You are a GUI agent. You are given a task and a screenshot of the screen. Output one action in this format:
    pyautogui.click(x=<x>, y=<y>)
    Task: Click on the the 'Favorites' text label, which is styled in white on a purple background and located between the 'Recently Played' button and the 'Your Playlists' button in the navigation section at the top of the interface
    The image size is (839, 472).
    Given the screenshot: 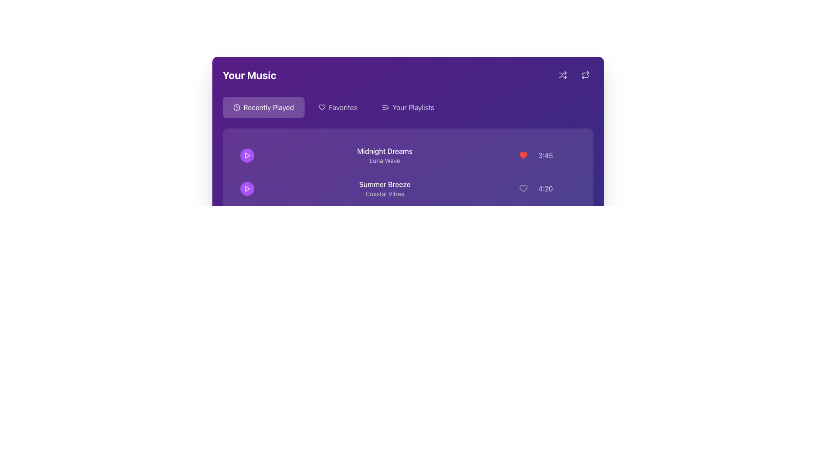 What is the action you would take?
    pyautogui.click(x=343, y=107)
    